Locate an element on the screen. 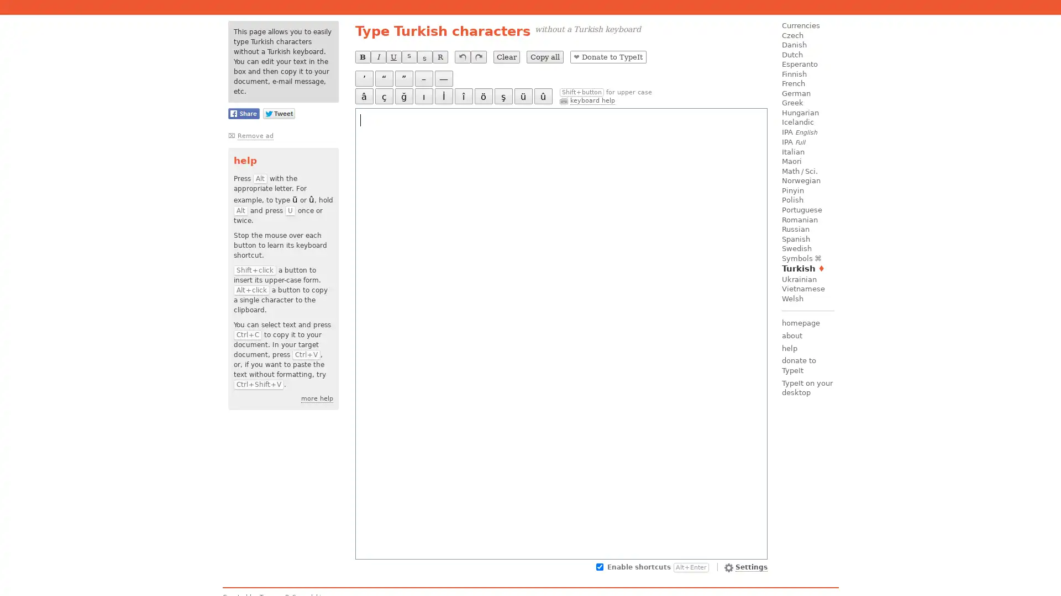 This screenshot has width=1061, height=596. i is located at coordinates (463, 95).